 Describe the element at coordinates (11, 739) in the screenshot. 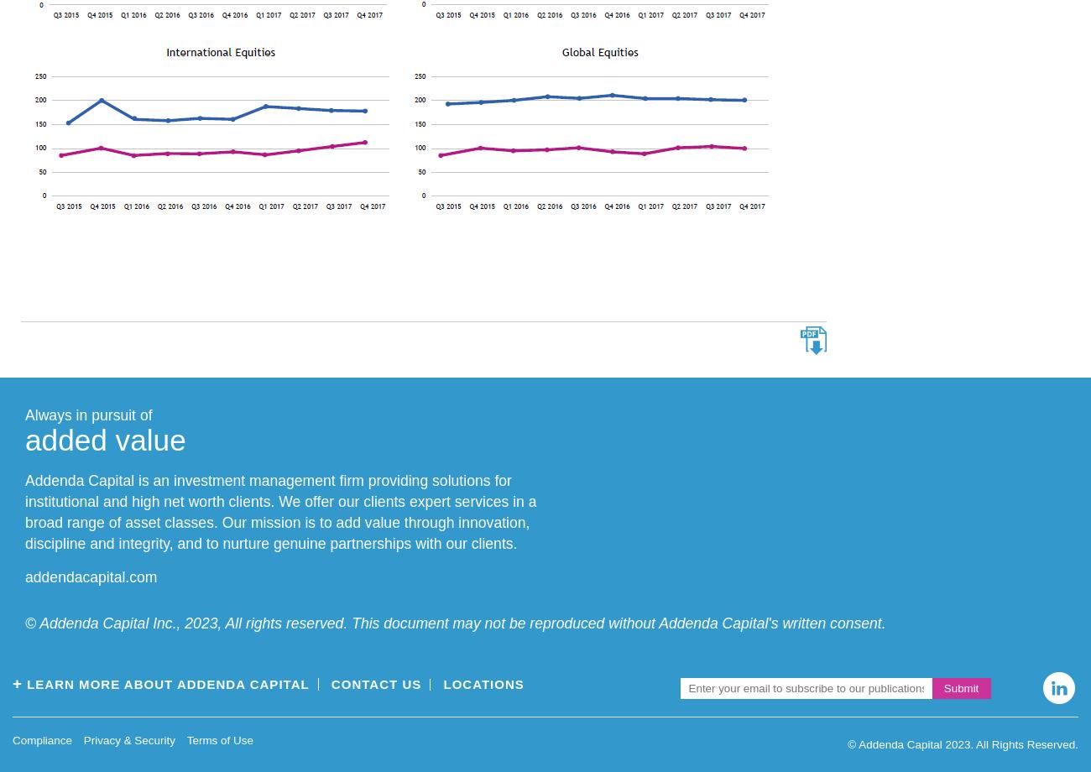

I see `'Compliance'` at that location.